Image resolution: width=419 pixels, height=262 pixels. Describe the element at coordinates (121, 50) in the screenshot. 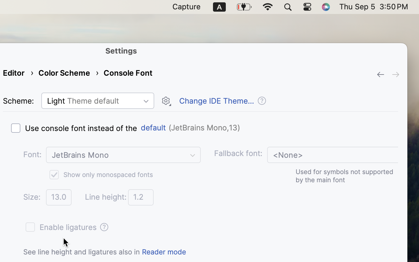

I see `'Settings'` at that location.